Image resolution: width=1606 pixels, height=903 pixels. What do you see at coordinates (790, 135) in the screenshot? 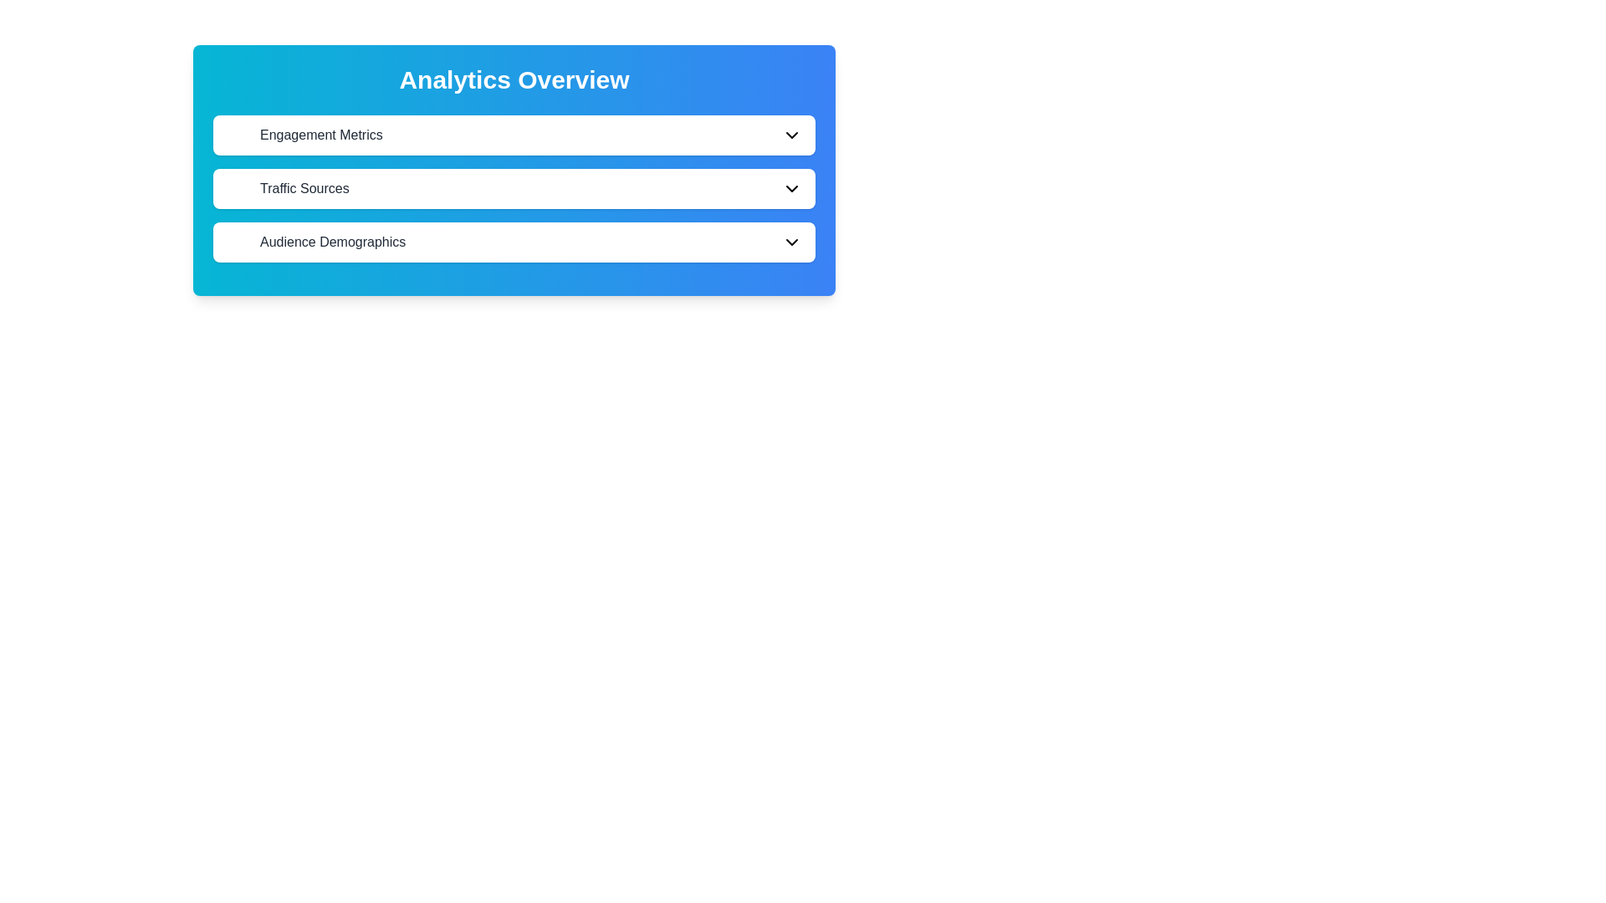
I see `the collapsible icon located at the rightmost position of the 'Engagement Metrics' section` at bounding box center [790, 135].